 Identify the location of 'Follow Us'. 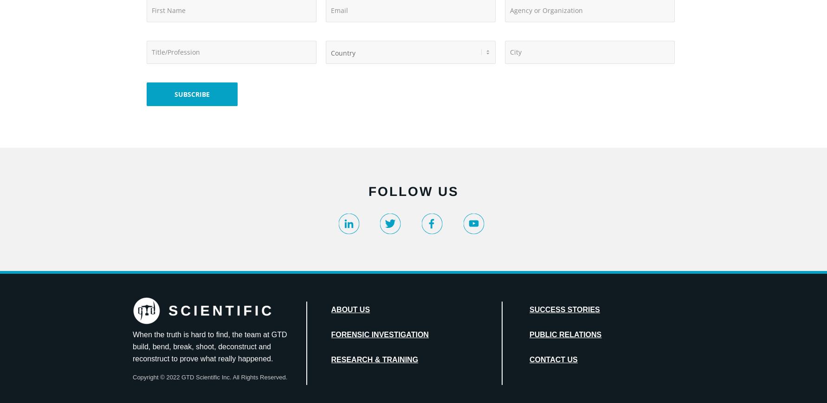
(413, 191).